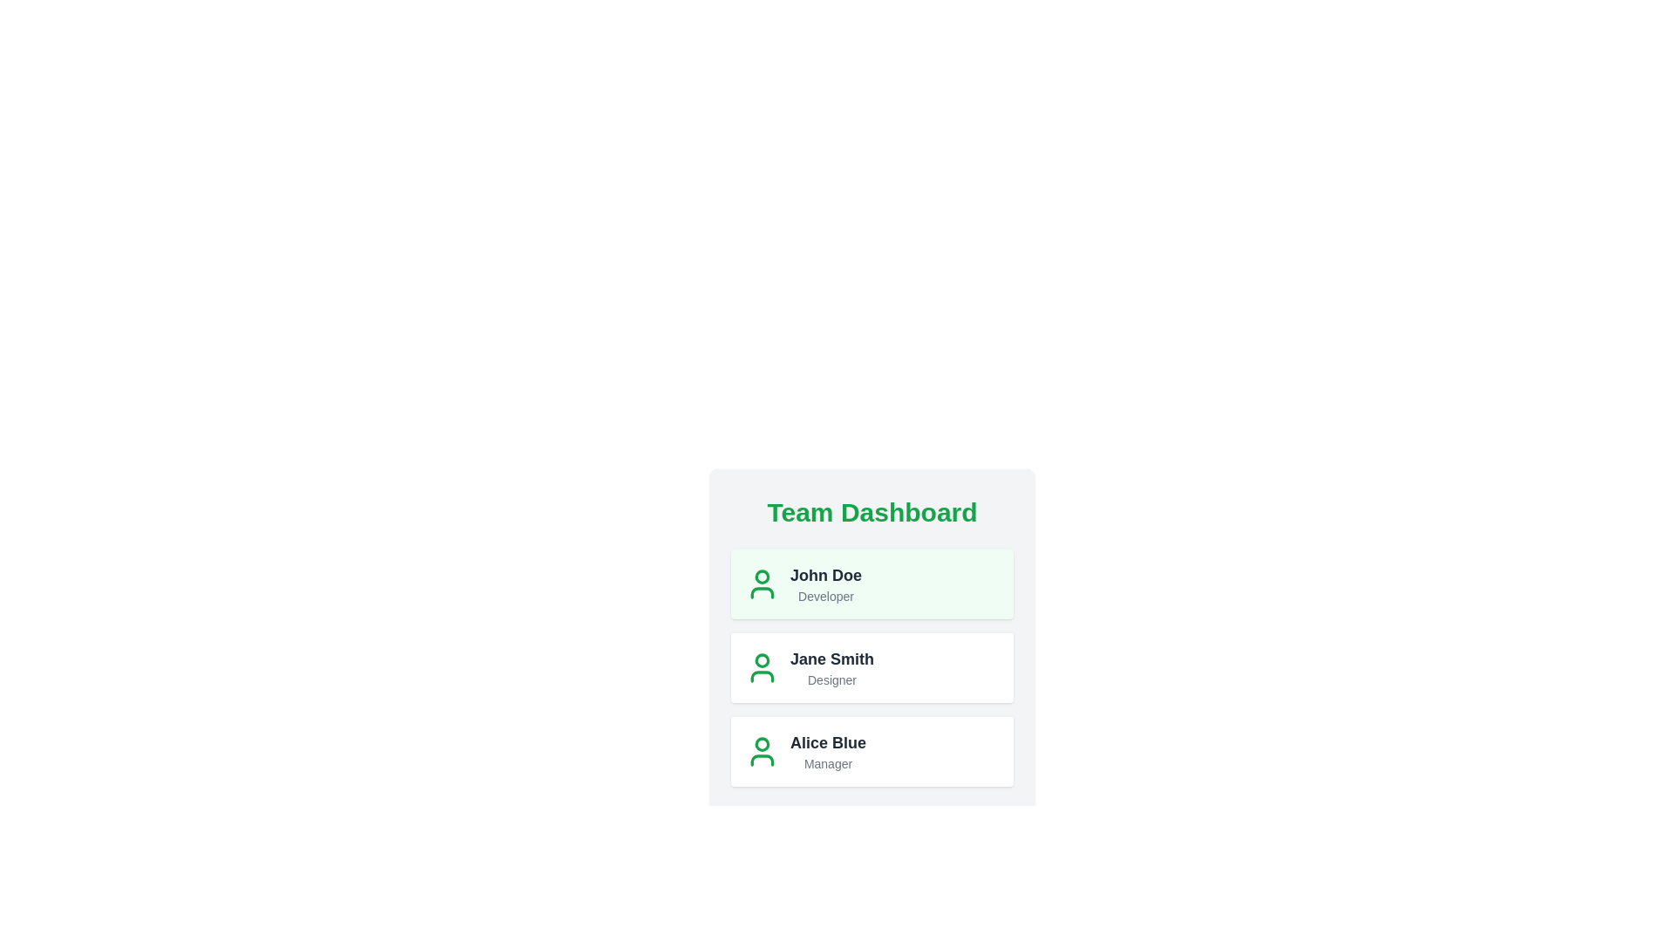 Image resolution: width=1675 pixels, height=942 pixels. I want to click on the bottom portion of the user profile icon, which resembles shoulders in an outline style and is colored green, located on the 'John Doe' card under the 'Team Dashboard' section, so click(762, 759).